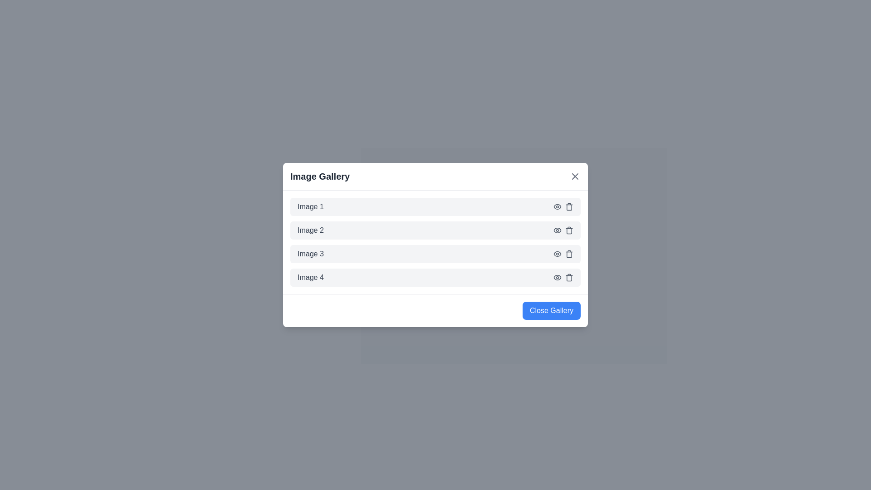  I want to click on the 'Image 4' text label located in the fourth row of the tabular interface, so click(310, 277).